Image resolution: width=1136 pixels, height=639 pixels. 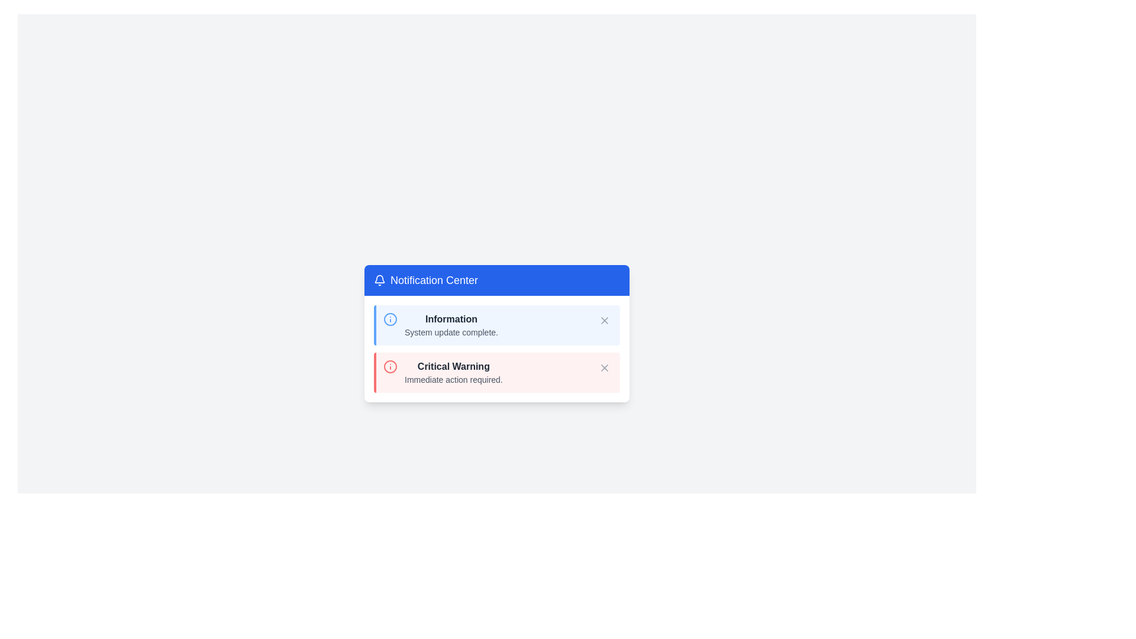 What do you see at coordinates (380, 279) in the screenshot?
I see `the bell icon representing notifications or alerts in the Notification Center header, located slightly right of the left edge of the icon` at bounding box center [380, 279].